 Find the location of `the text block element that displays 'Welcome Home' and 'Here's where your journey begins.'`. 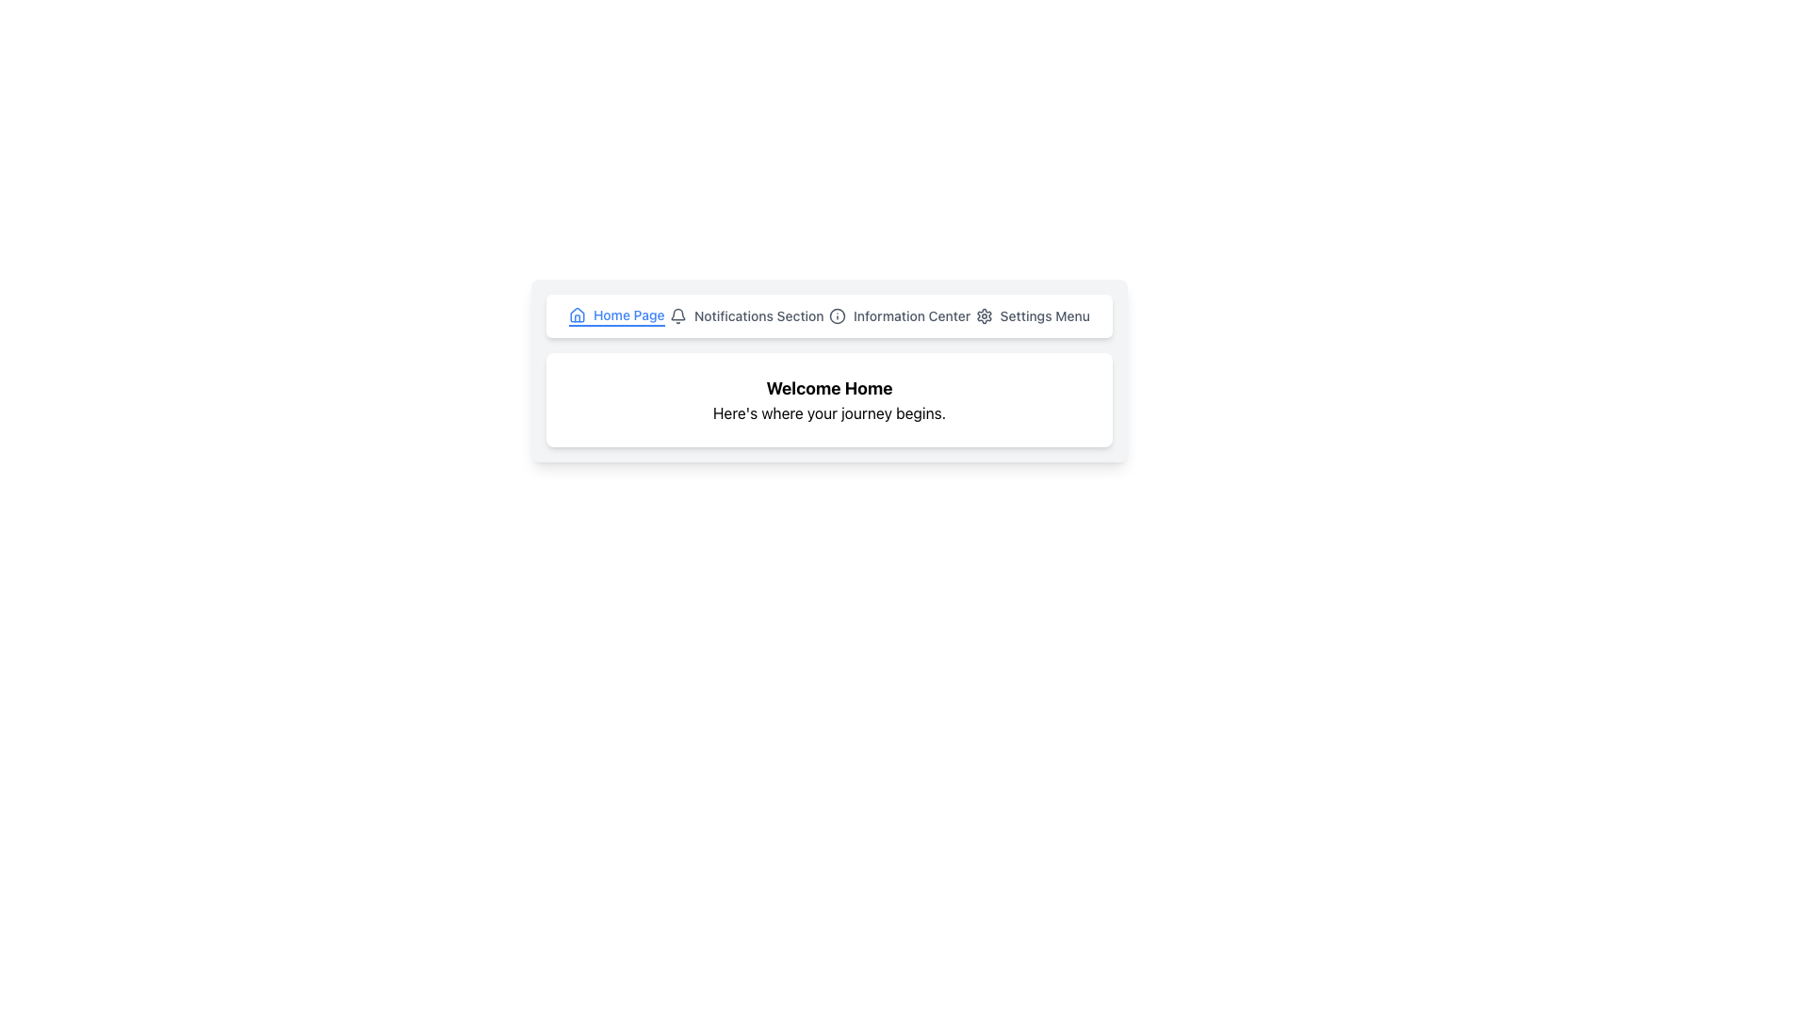

the text block element that displays 'Welcome Home' and 'Here's where your journey begins.' is located at coordinates (829, 398).